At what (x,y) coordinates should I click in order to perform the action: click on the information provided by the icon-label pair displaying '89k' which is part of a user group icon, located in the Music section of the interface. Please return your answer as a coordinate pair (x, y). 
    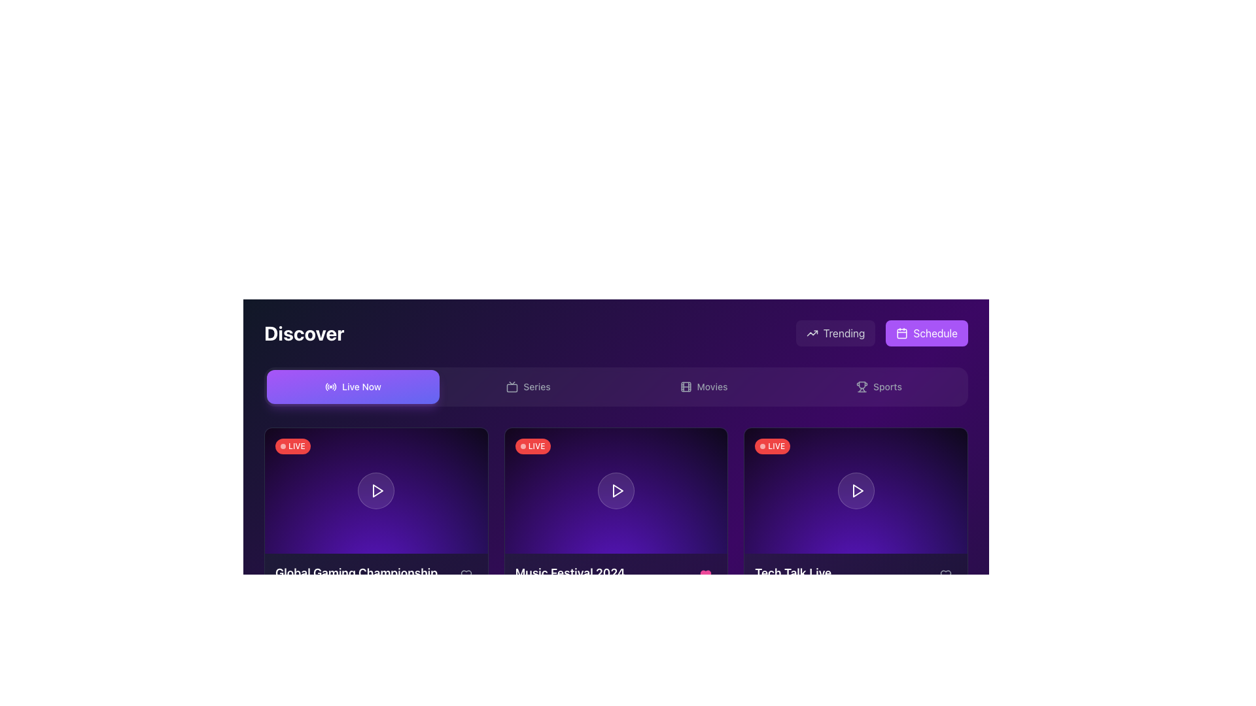
    Looking at the image, I should click on (605, 603).